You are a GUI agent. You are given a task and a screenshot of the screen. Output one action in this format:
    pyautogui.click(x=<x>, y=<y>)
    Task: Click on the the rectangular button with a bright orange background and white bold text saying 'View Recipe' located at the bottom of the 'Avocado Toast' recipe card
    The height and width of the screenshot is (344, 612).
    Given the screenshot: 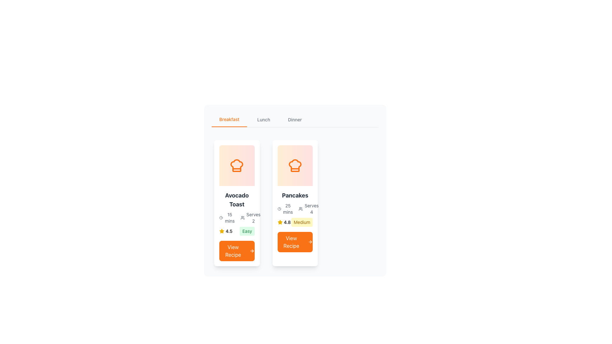 What is the action you would take?
    pyautogui.click(x=237, y=250)
    